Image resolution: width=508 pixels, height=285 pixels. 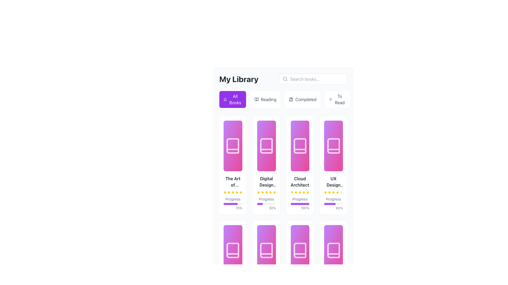 I want to click on text from the Text Label, which serves as a title or heading for its card, positioned at the top of its group above the star rating section and progress indicators, so click(x=266, y=182).